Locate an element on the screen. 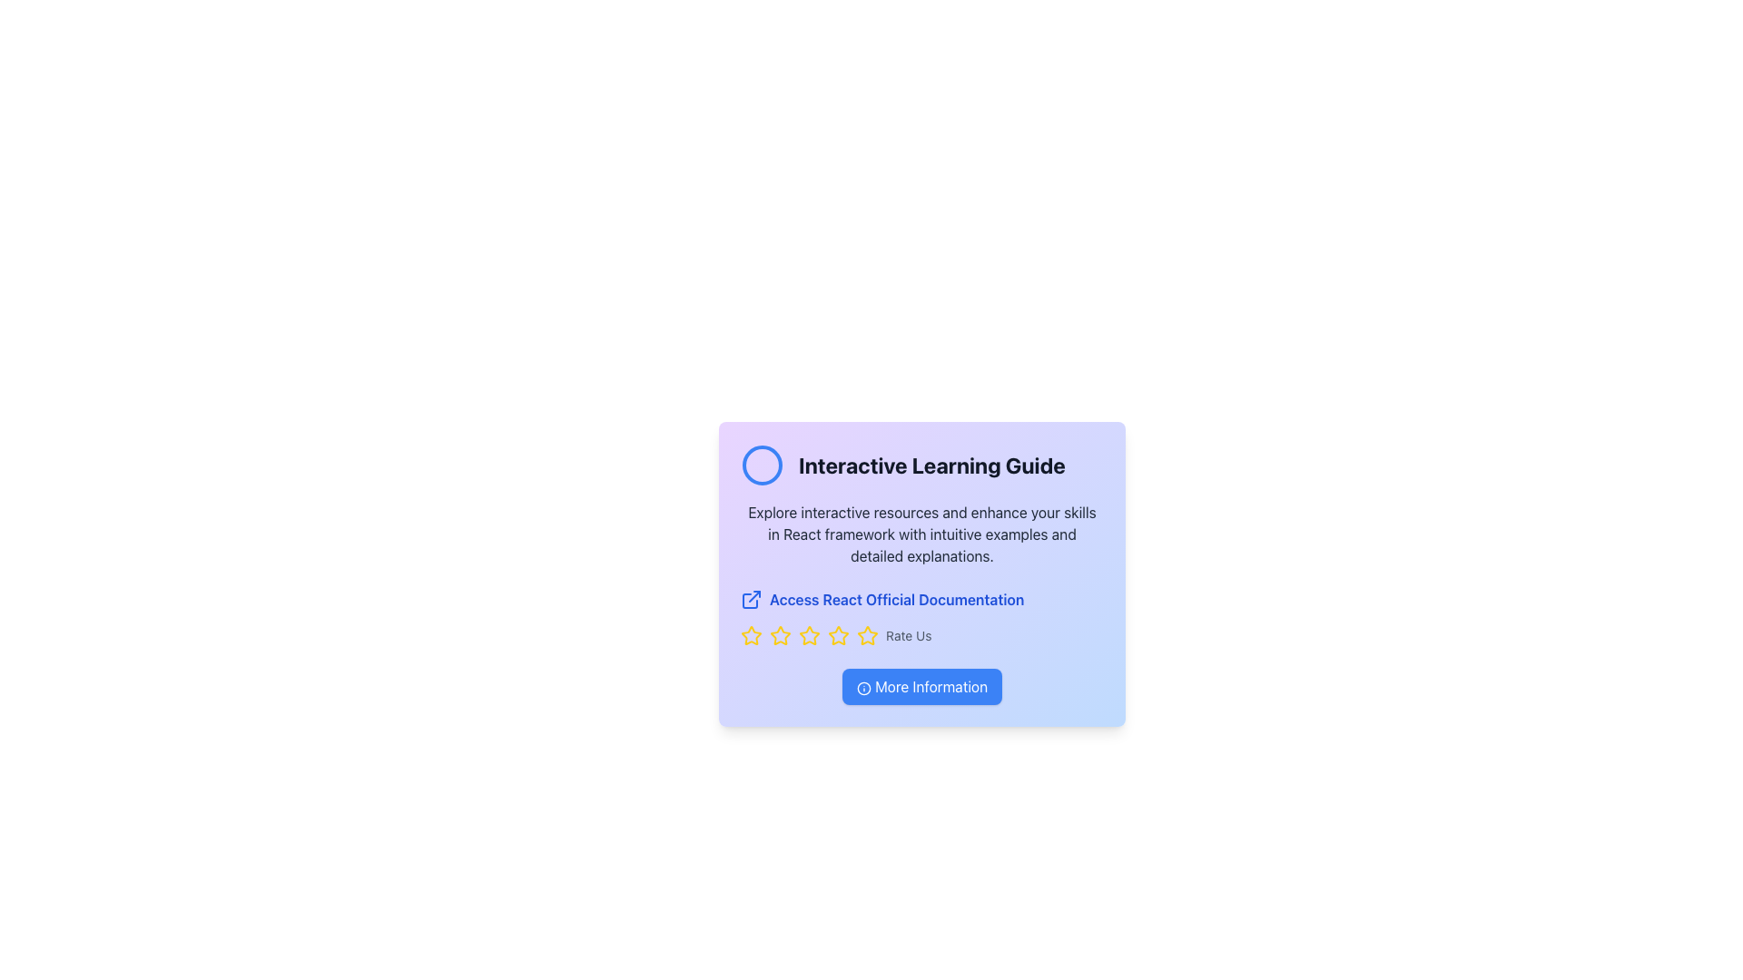  the fifth star icon outlined in yellow is located at coordinates (809, 635).